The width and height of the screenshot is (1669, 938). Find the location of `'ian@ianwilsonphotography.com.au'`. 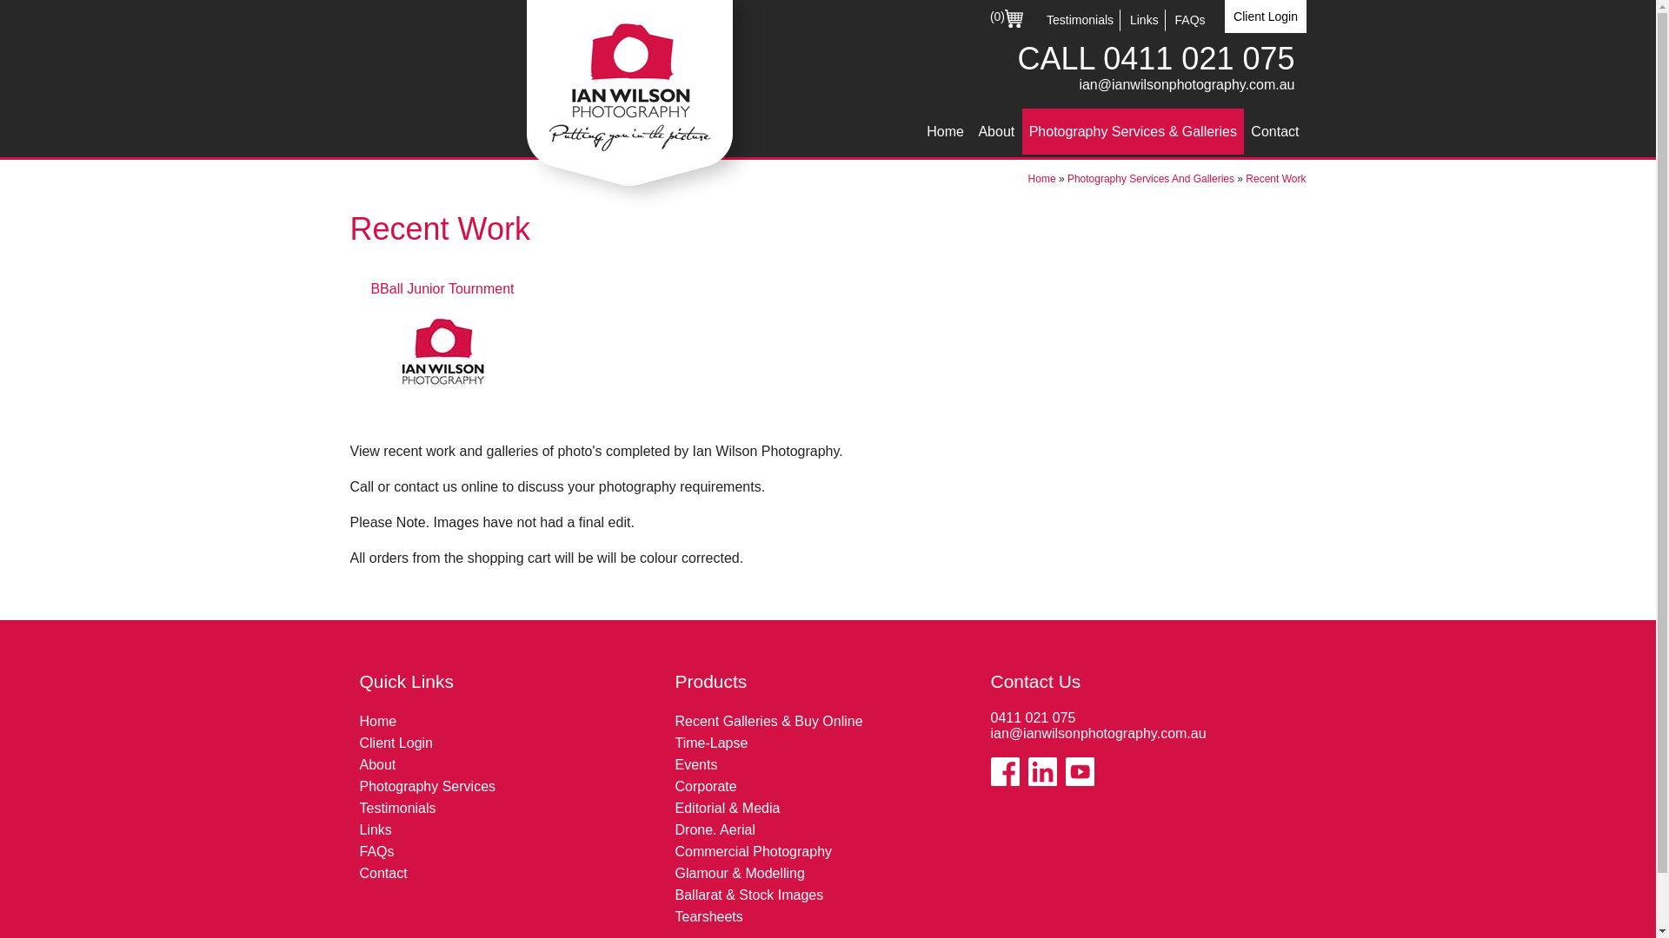

'ian@ianwilsonphotography.com.au' is located at coordinates (1185, 84).